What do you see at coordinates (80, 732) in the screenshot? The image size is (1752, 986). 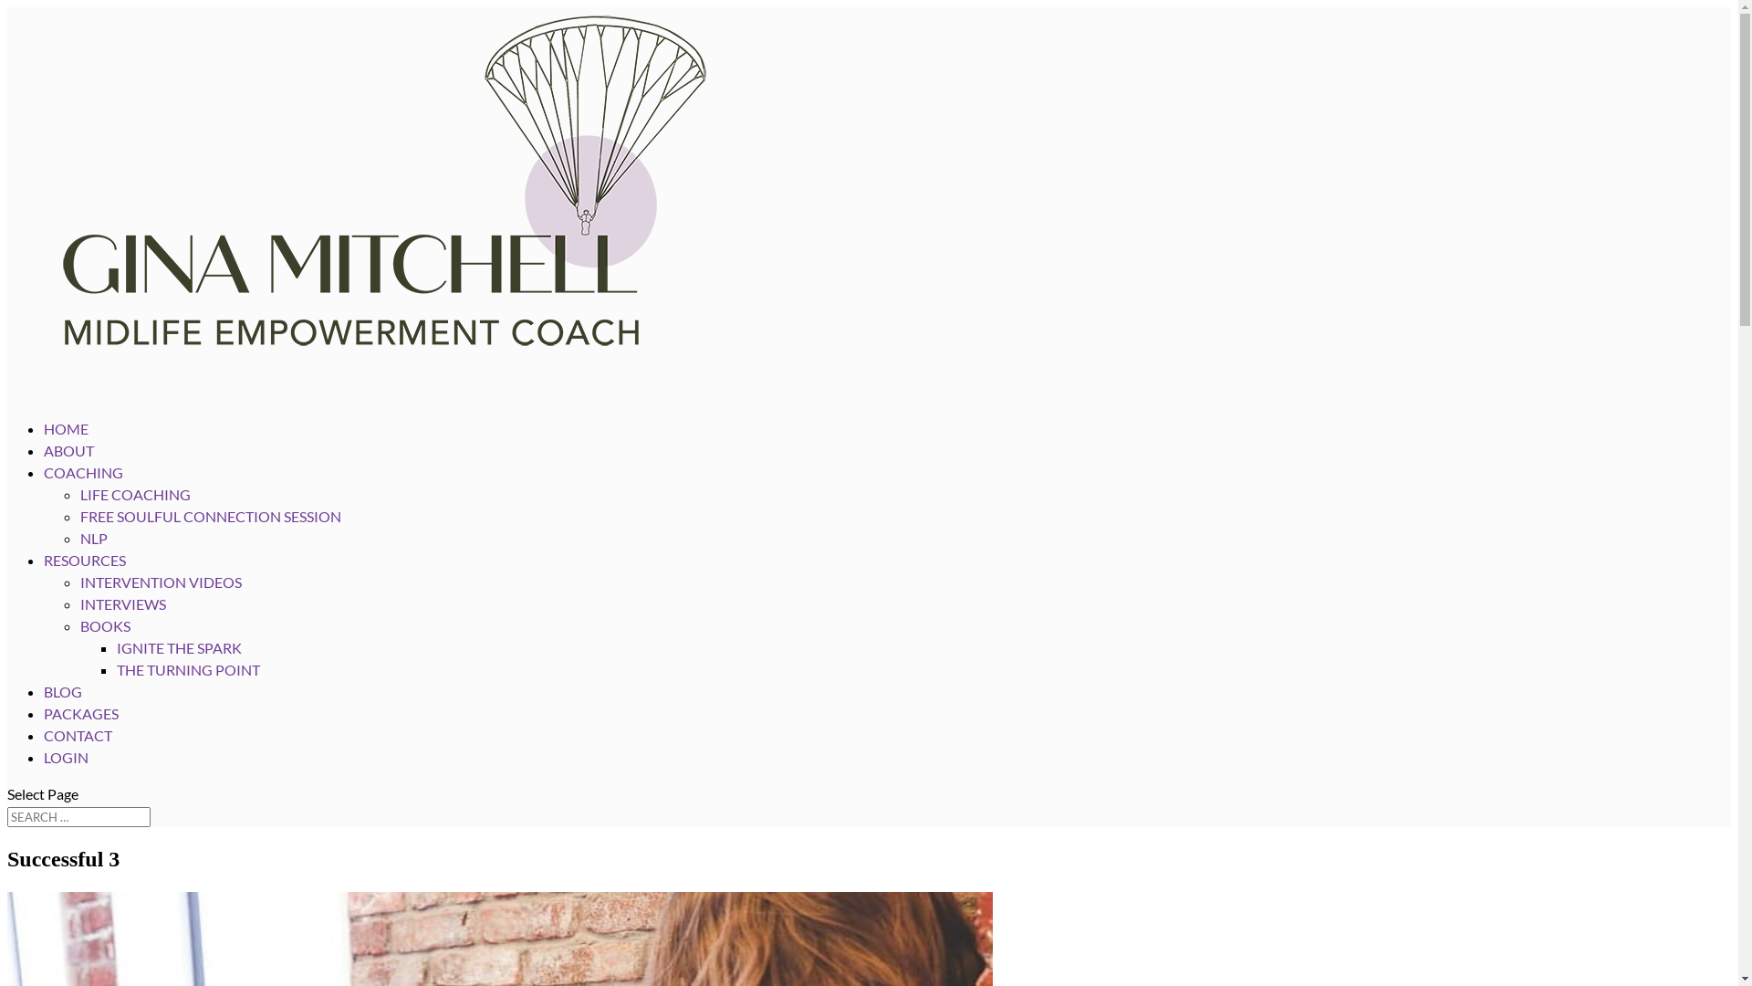 I see `'PACKAGES'` at bounding box center [80, 732].